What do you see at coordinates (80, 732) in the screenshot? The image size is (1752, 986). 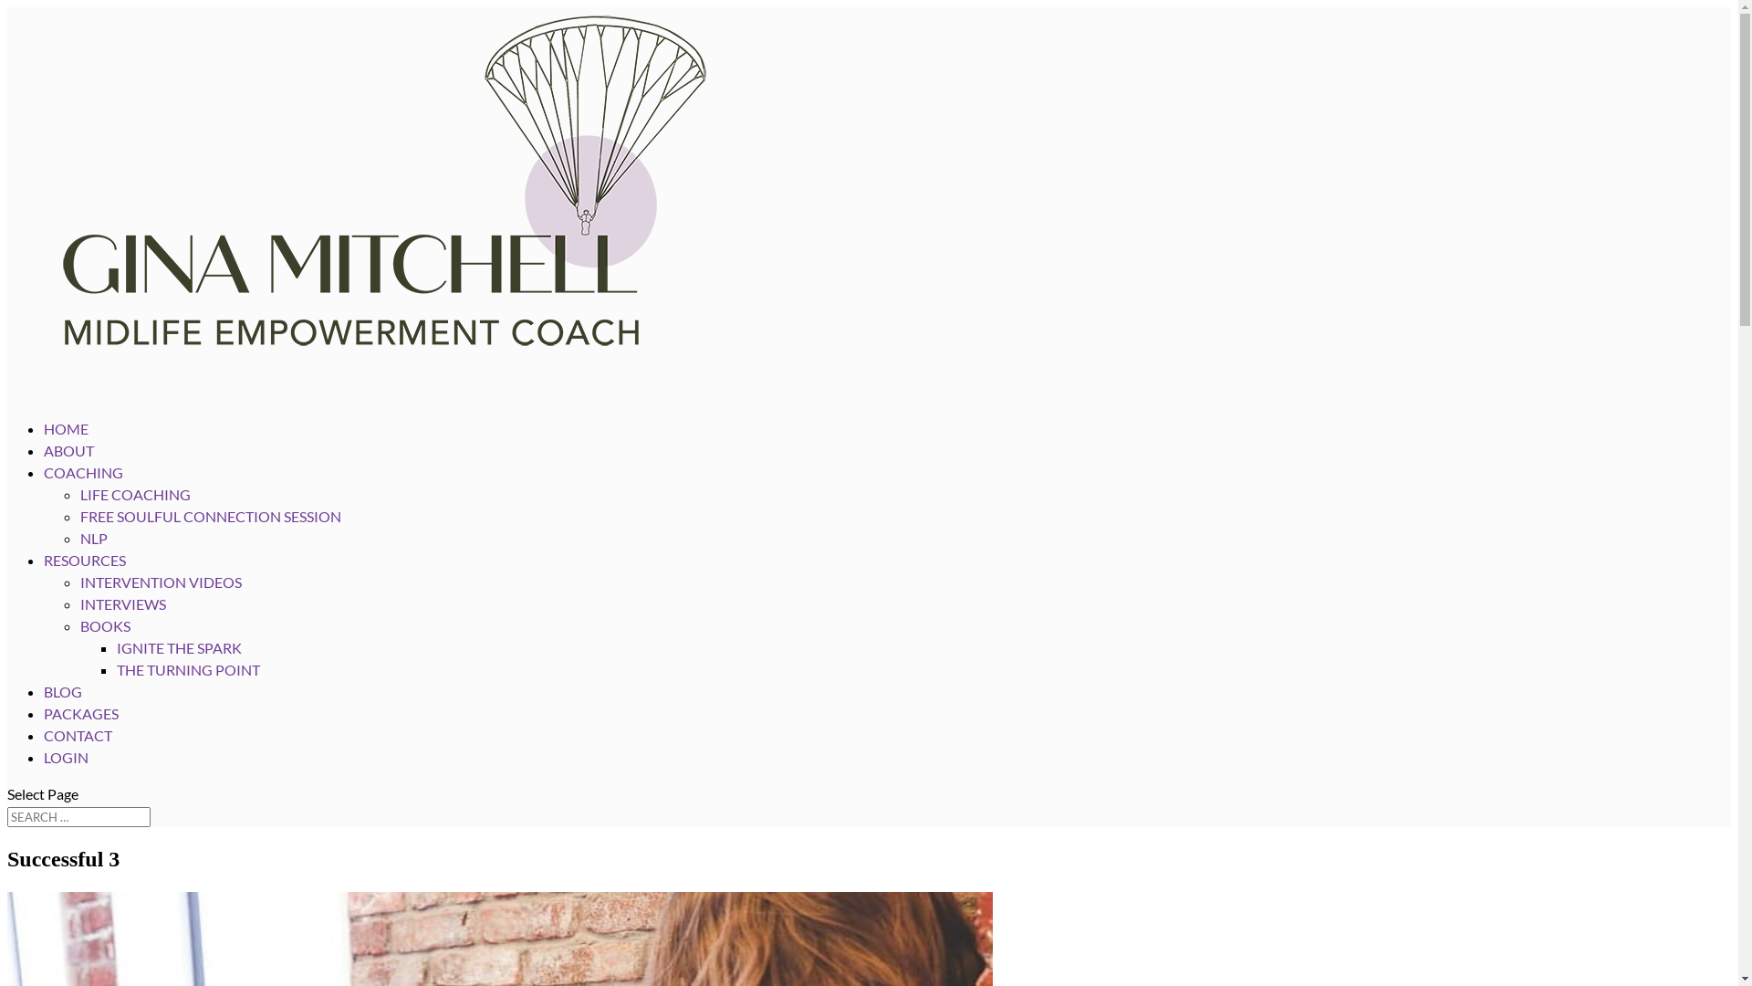 I see `'PACKAGES'` at bounding box center [80, 732].